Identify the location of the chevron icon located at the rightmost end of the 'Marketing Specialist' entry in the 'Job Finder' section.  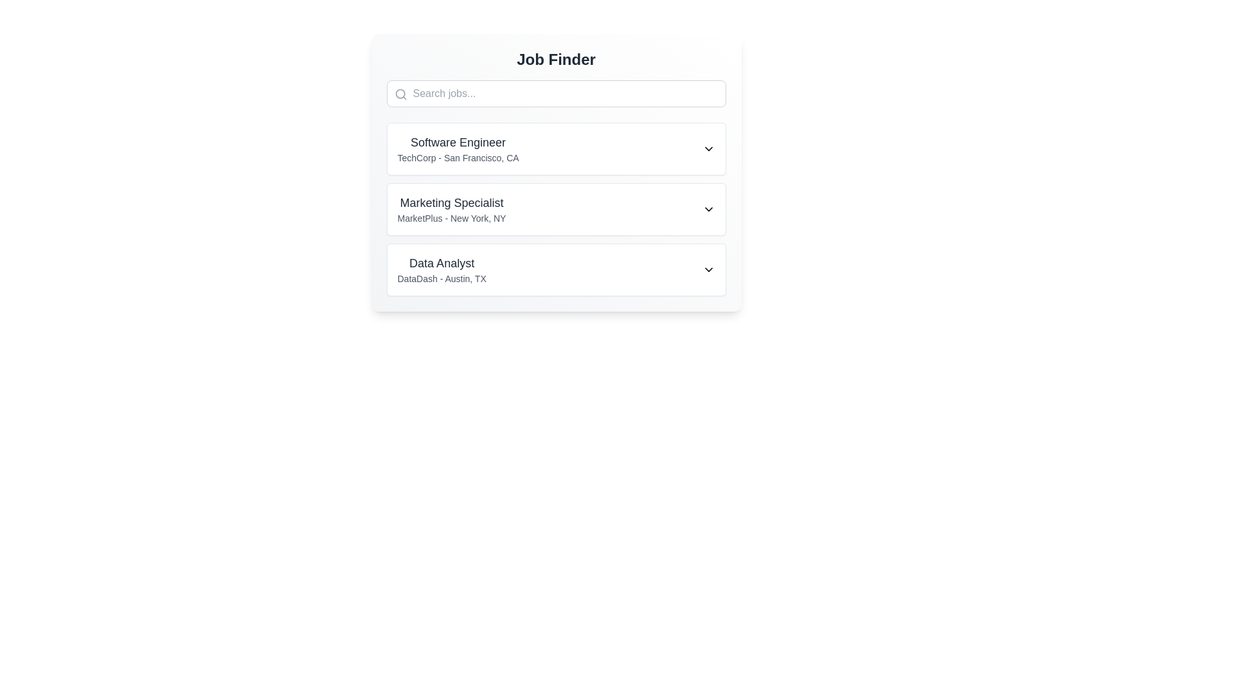
(708, 209).